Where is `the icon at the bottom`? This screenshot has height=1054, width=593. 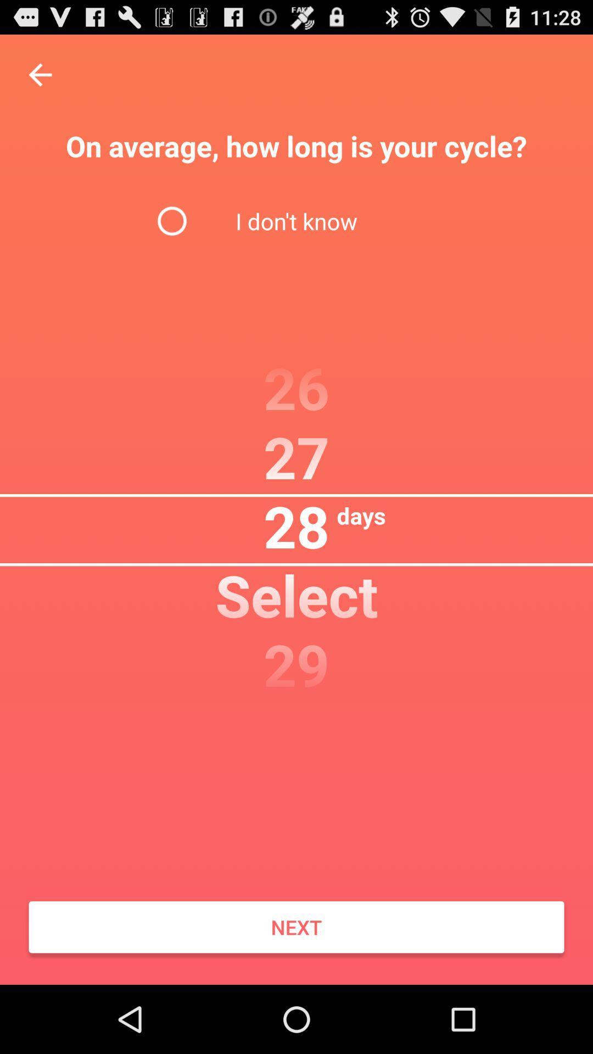
the icon at the bottom is located at coordinates (296, 927).